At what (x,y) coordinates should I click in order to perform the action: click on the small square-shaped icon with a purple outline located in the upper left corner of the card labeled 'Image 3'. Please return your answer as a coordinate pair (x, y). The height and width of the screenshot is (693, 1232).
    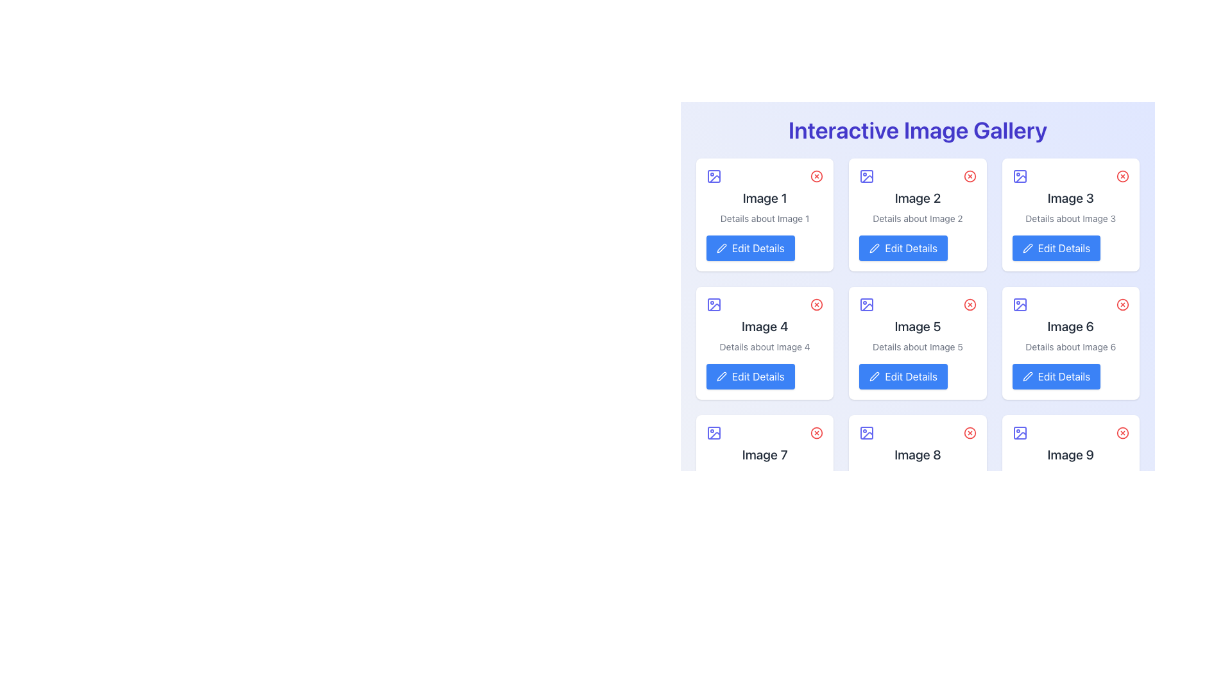
    Looking at the image, I should click on (1019, 176).